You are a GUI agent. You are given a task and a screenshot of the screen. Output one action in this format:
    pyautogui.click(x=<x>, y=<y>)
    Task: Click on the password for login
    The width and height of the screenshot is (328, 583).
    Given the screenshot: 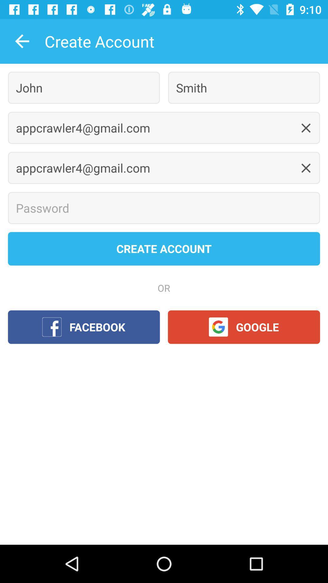 What is the action you would take?
    pyautogui.click(x=164, y=208)
    